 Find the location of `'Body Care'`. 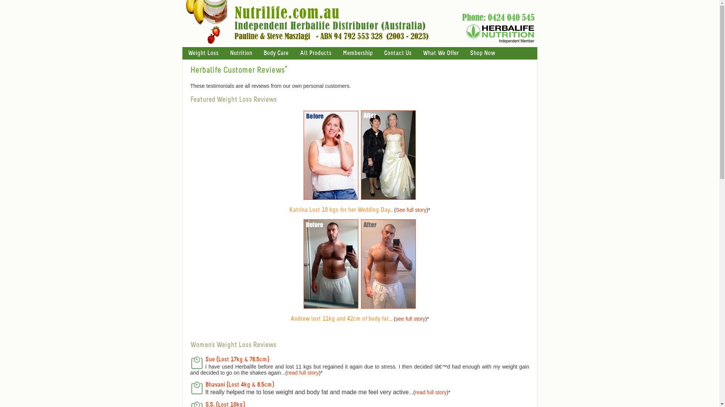

'Body Care' is located at coordinates (275, 53).